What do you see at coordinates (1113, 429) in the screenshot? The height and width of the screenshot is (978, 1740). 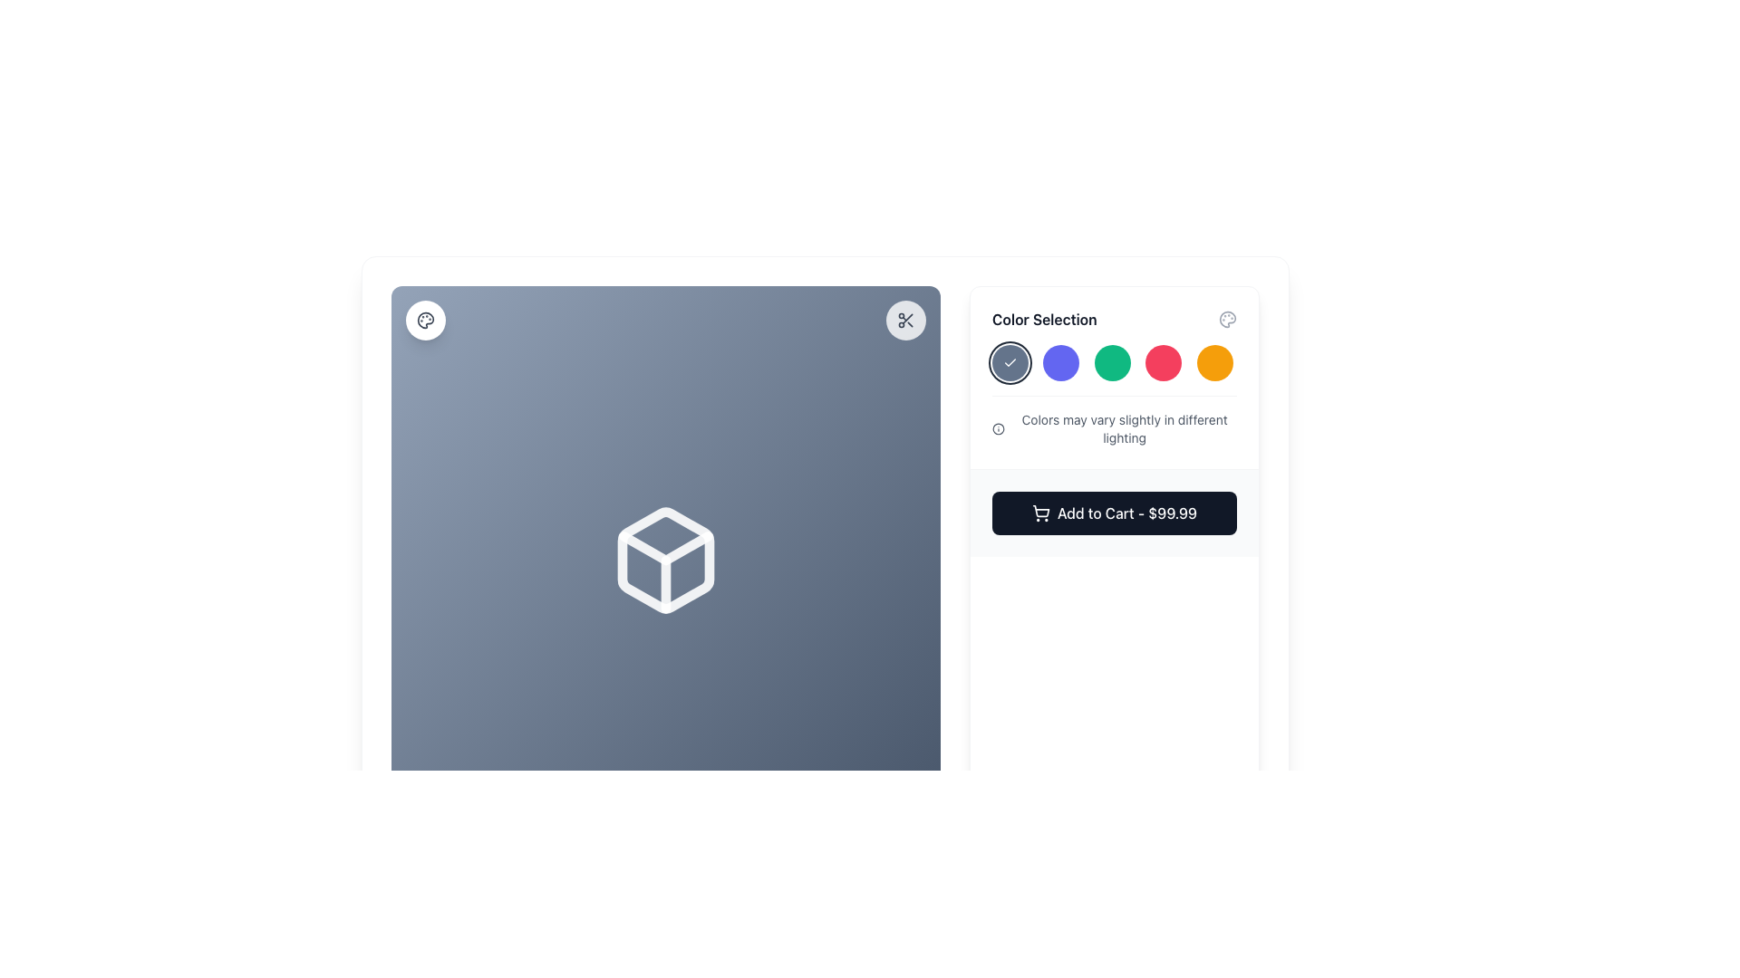 I see `the information icon next to the text label 'Colors may vary slightly in different lighting'` at bounding box center [1113, 429].